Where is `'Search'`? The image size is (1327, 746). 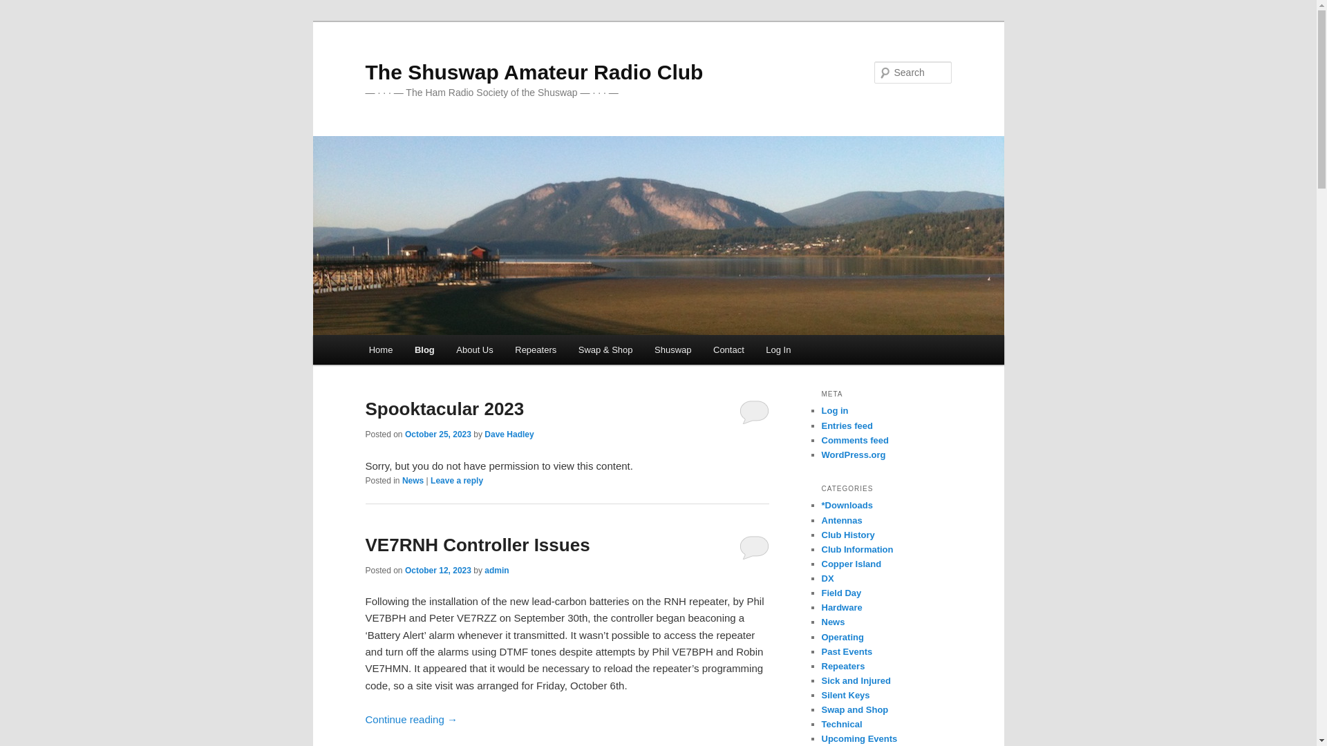
'Search' is located at coordinates (22, 8).